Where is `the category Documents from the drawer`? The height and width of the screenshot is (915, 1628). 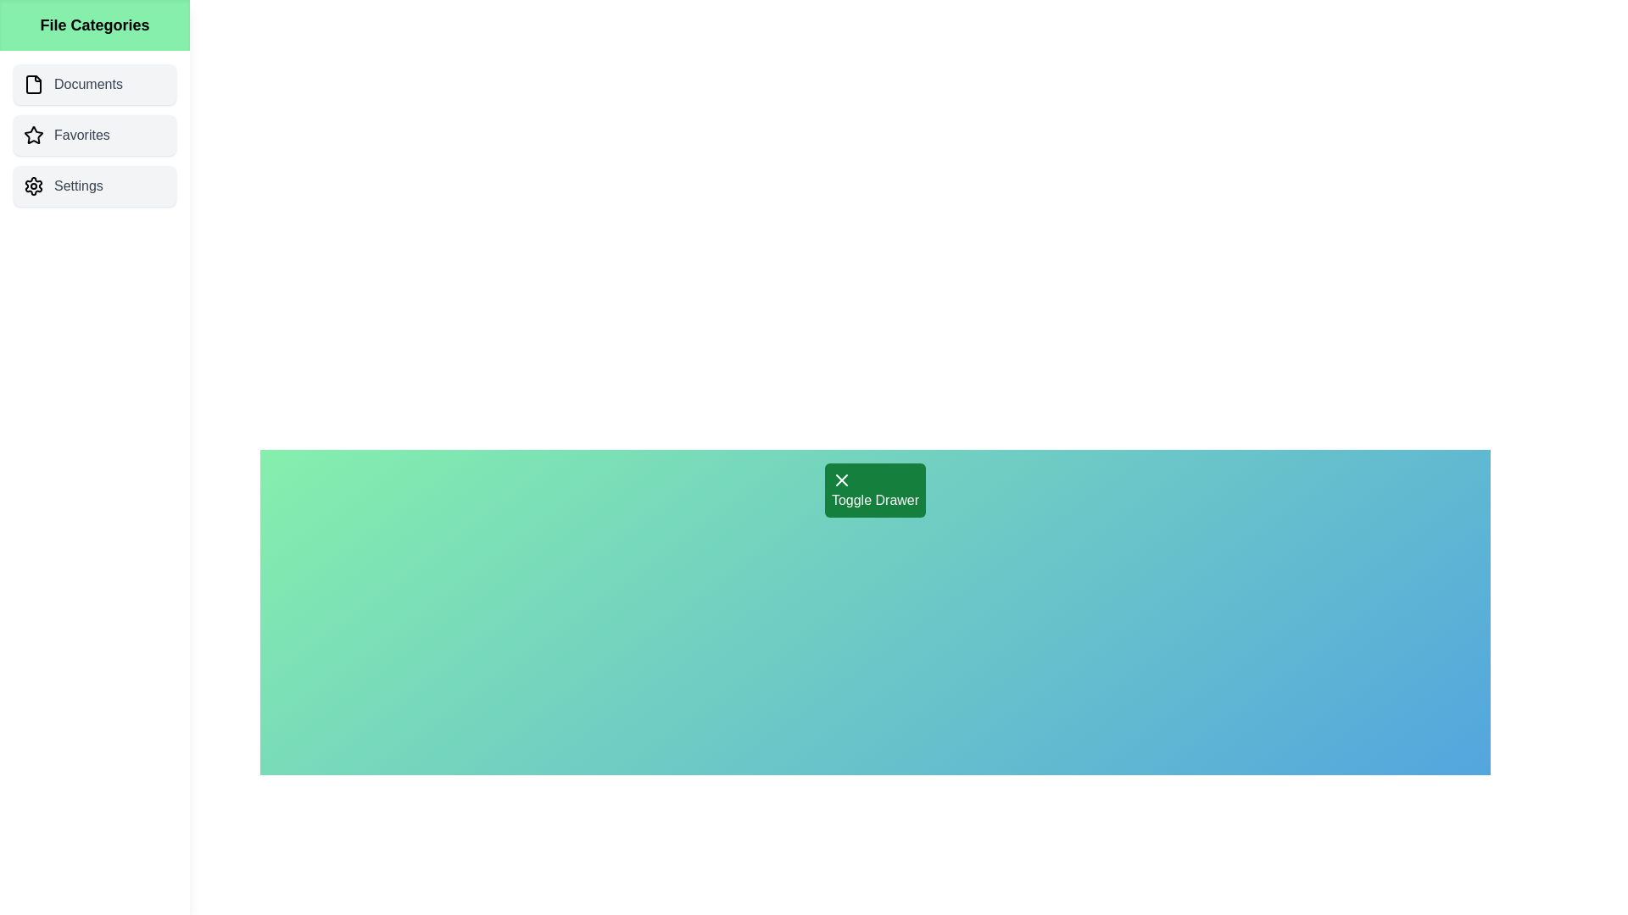 the category Documents from the drawer is located at coordinates (93, 85).